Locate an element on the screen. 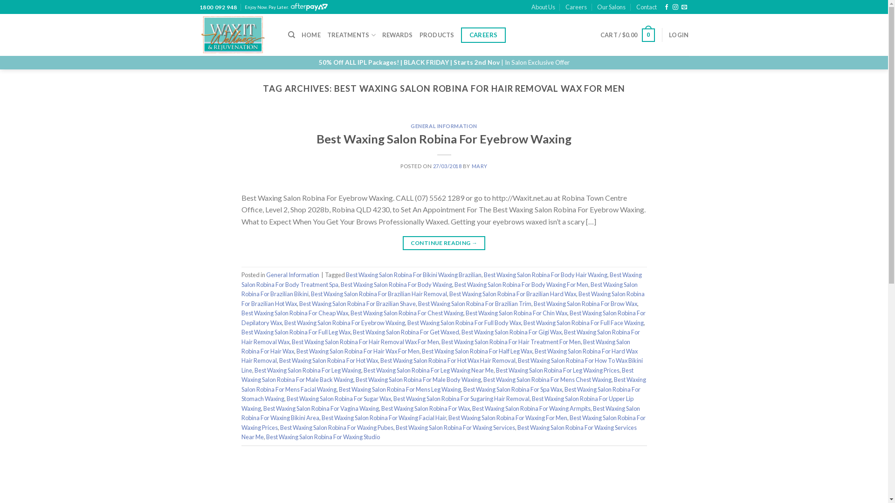  'MARY' is located at coordinates (479, 165).